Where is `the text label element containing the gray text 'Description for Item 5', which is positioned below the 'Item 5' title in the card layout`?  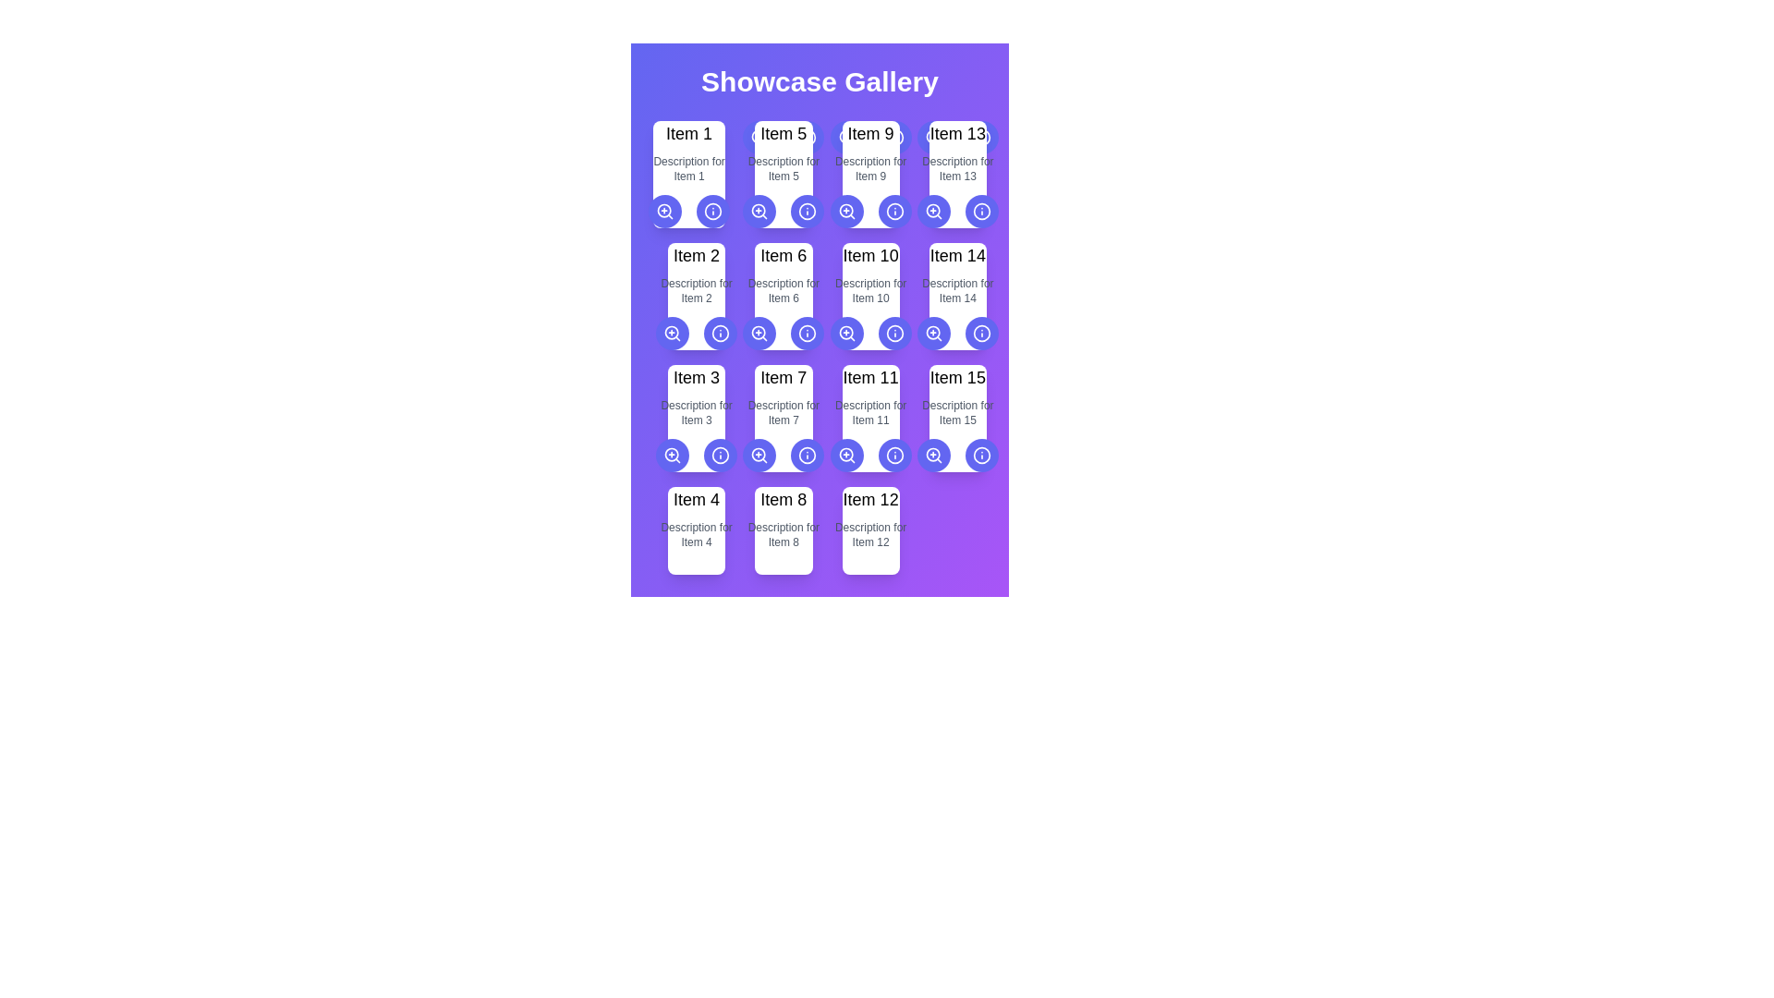
the text label element containing the gray text 'Description for Item 5', which is positioned below the 'Item 5' title in the card layout is located at coordinates (784, 168).